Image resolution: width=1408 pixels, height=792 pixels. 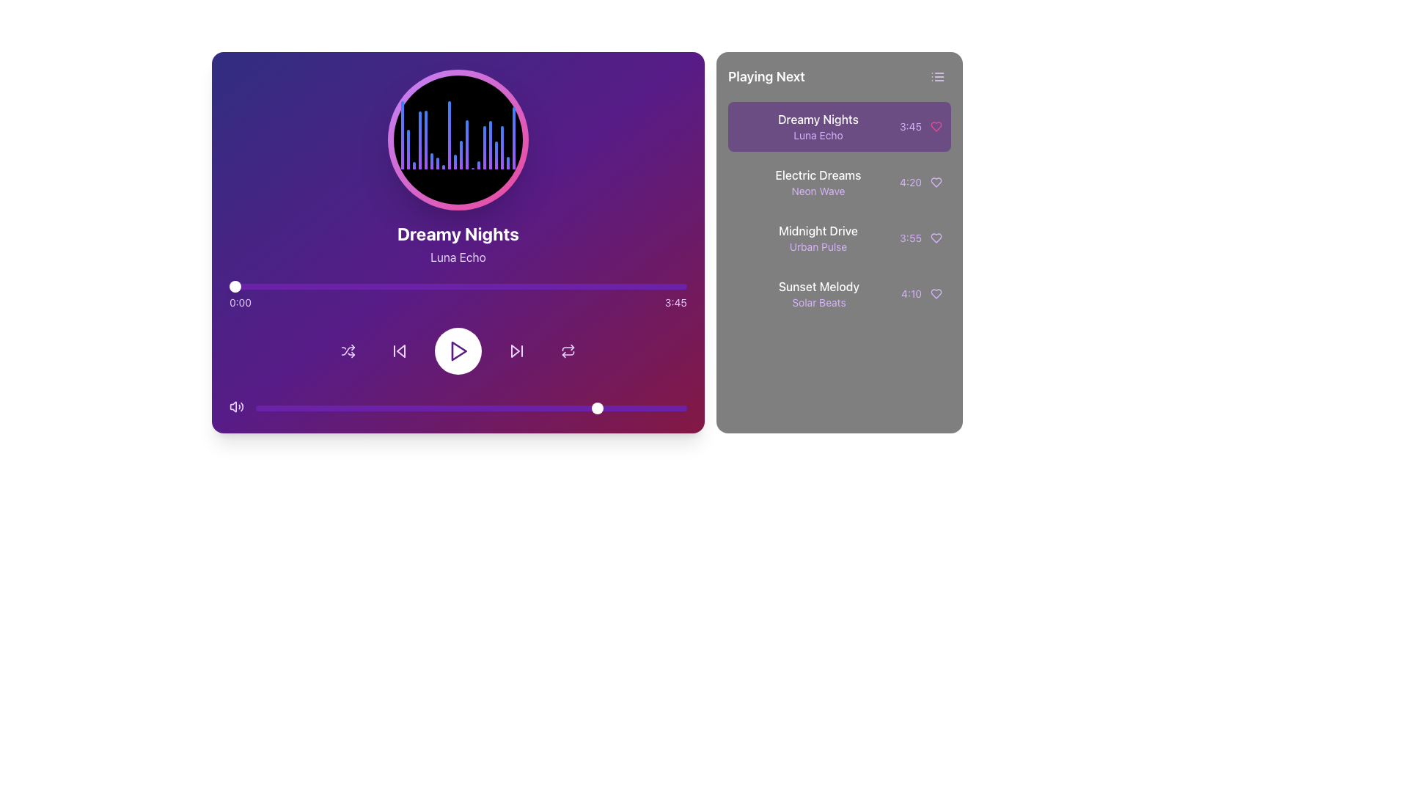 What do you see at coordinates (419, 140) in the screenshot?
I see `the fourth vertical progress or audio level bar from the left, which has a gradient color scheme from purple to blue, located above the audio control panel of the music player interface` at bounding box center [419, 140].